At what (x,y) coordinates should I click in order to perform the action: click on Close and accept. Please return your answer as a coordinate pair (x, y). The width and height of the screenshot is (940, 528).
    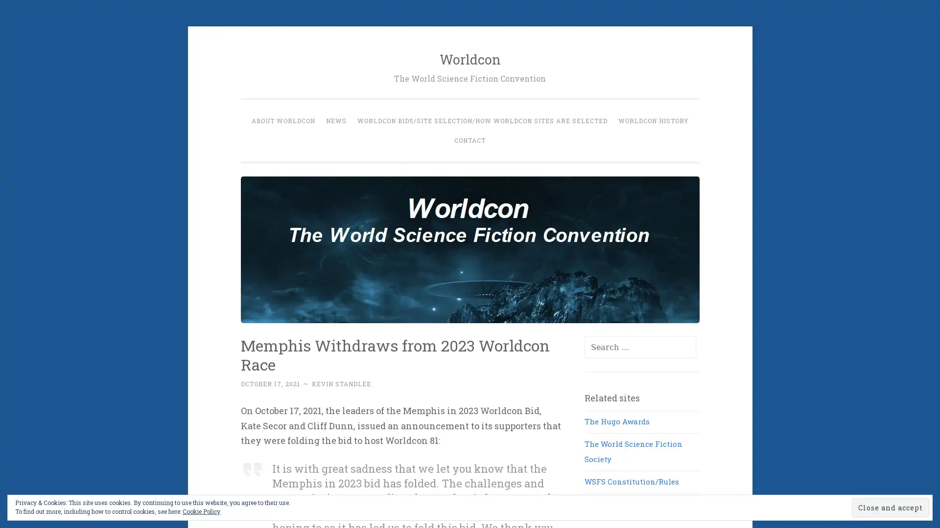
    Looking at the image, I should click on (891, 507).